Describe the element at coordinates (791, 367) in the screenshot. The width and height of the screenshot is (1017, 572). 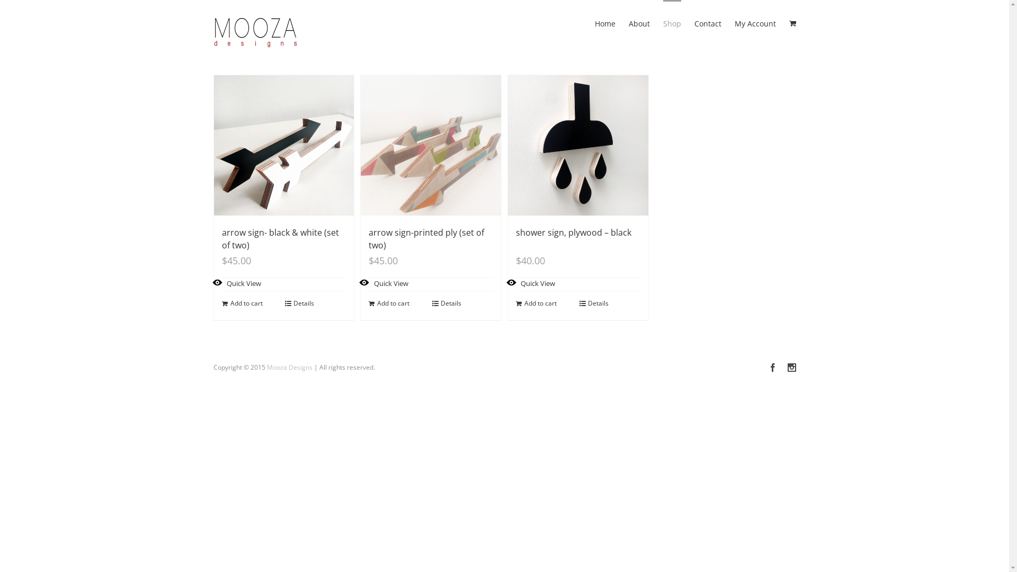
I see `'Instagram'` at that location.